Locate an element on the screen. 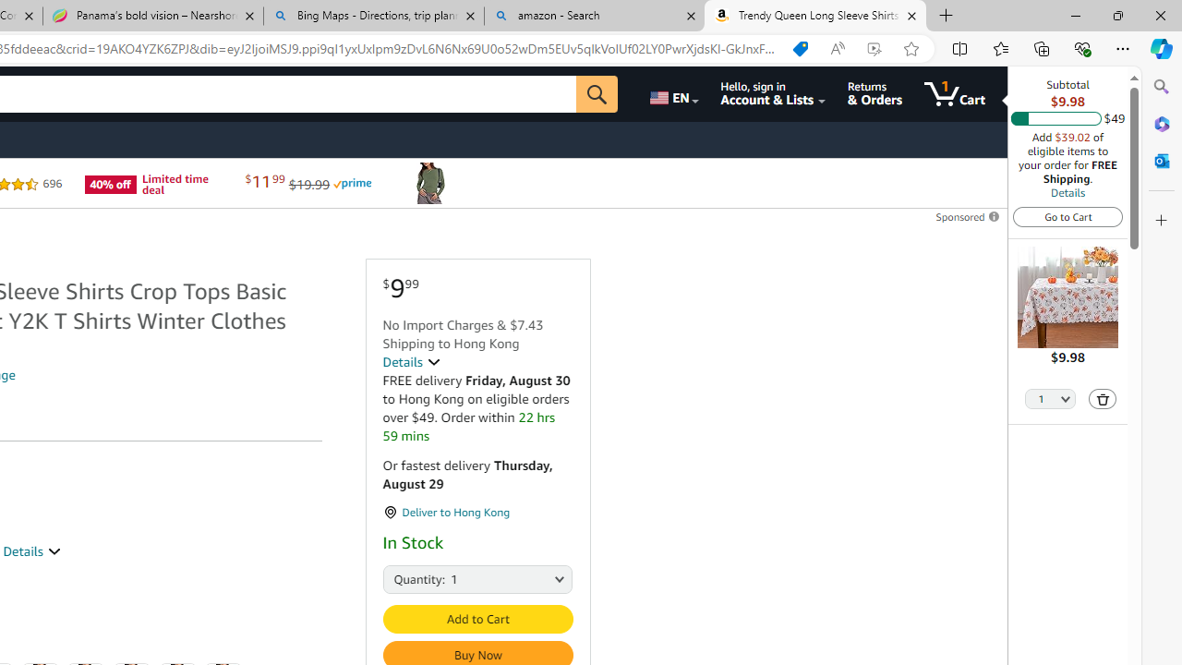 The width and height of the screenshot is (1182, 665). 'amazon - Search' is located at coordinates (594, 16).